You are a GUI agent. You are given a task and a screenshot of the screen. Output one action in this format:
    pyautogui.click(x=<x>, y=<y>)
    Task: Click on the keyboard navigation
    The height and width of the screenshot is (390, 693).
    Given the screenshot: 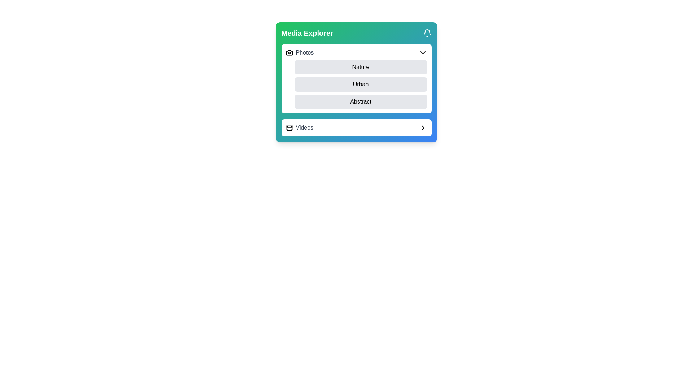 What is the action you would take?
    pyautogui.click(x=361, y=101)
    